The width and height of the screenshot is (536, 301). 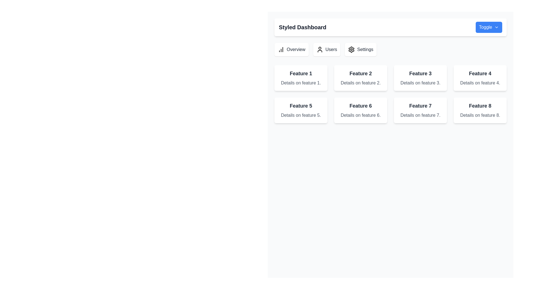 What do you see at coordinates (497, 27) in the screenshot?
I see `the downward-pointing chevron icon located to the right of the 'Toggle' button text` at bounding box center [497, 27].